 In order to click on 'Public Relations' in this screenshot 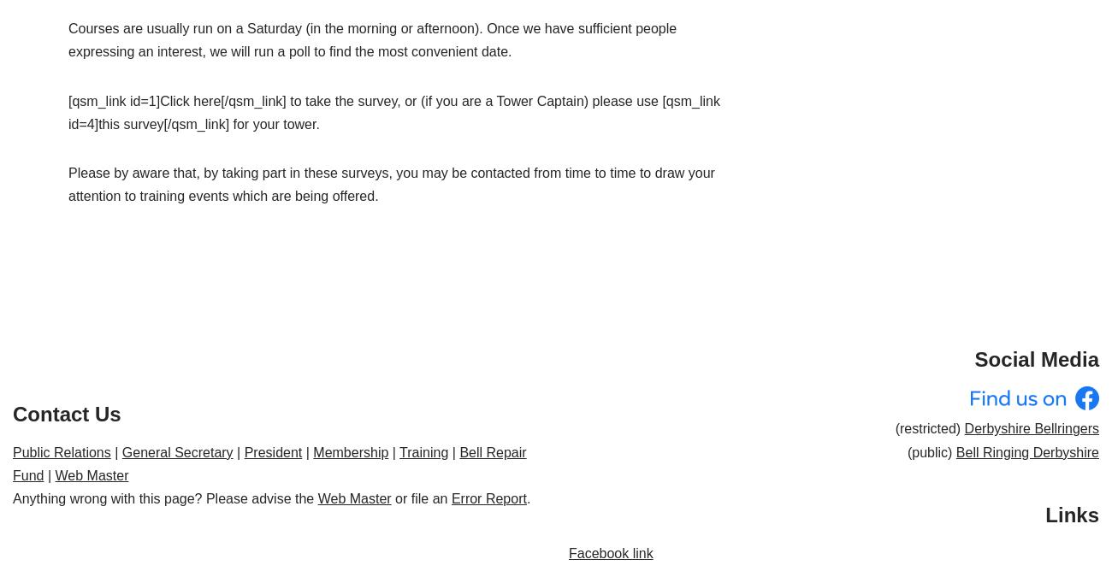, I will do `click(62, 451)`.